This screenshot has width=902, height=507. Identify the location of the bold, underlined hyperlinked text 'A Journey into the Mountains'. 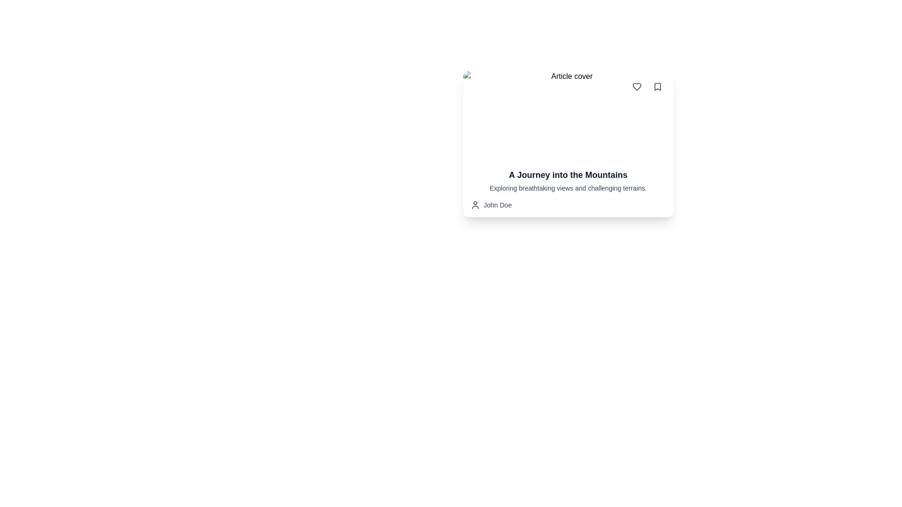
(568, 175).